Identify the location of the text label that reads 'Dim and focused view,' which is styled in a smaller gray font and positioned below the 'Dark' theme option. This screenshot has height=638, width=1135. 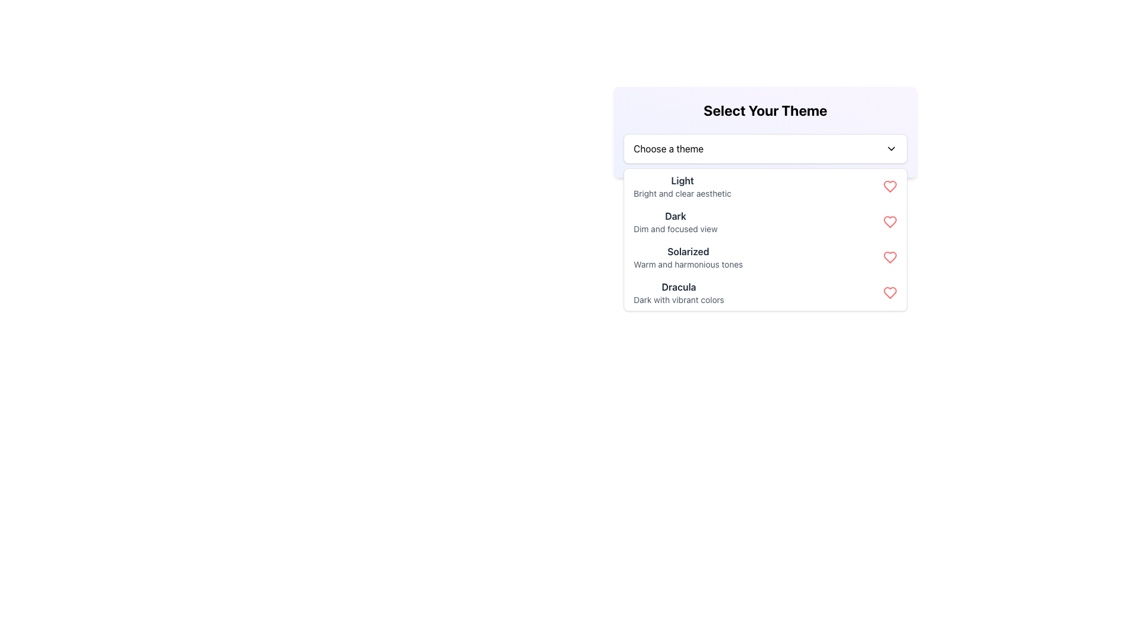
(675, 229).